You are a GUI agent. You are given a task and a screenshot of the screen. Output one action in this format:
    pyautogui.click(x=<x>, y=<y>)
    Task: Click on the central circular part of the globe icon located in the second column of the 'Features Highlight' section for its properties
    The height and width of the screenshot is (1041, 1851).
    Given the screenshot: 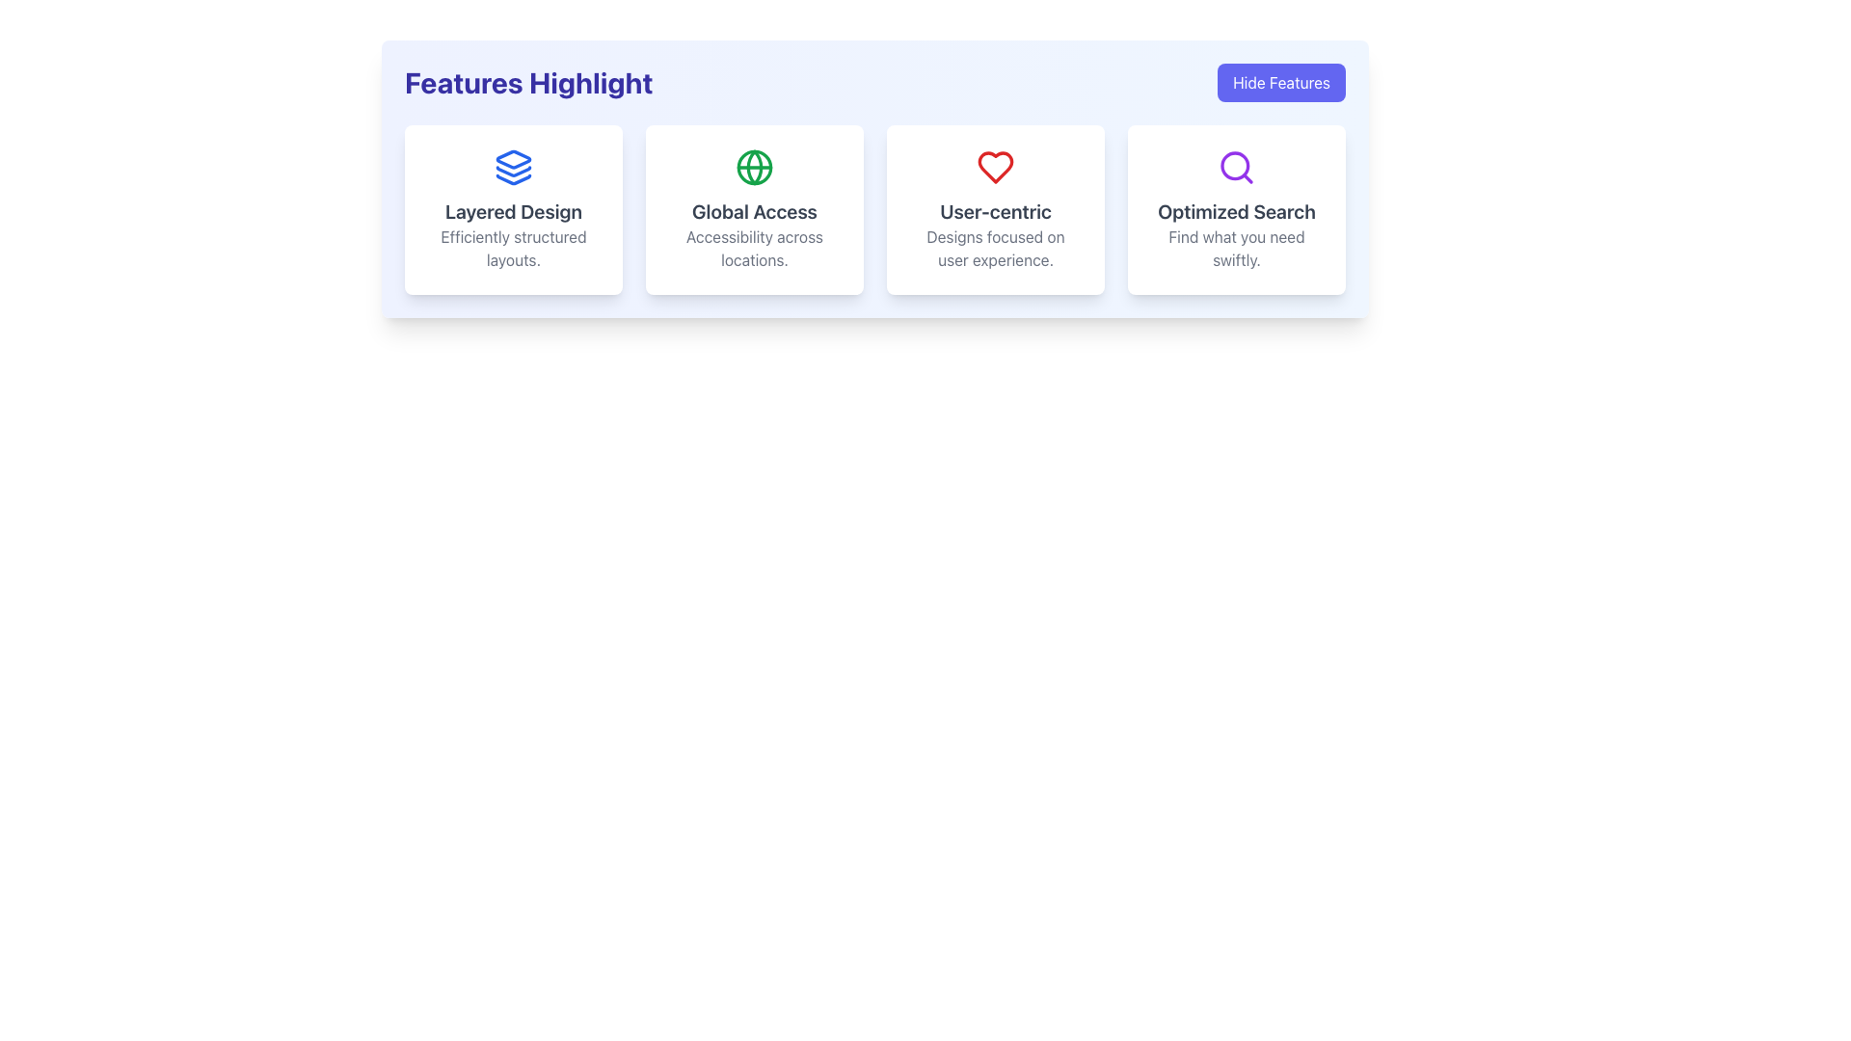 What is the action you would take?
    pyautogui.click(x=753, y=166)
    